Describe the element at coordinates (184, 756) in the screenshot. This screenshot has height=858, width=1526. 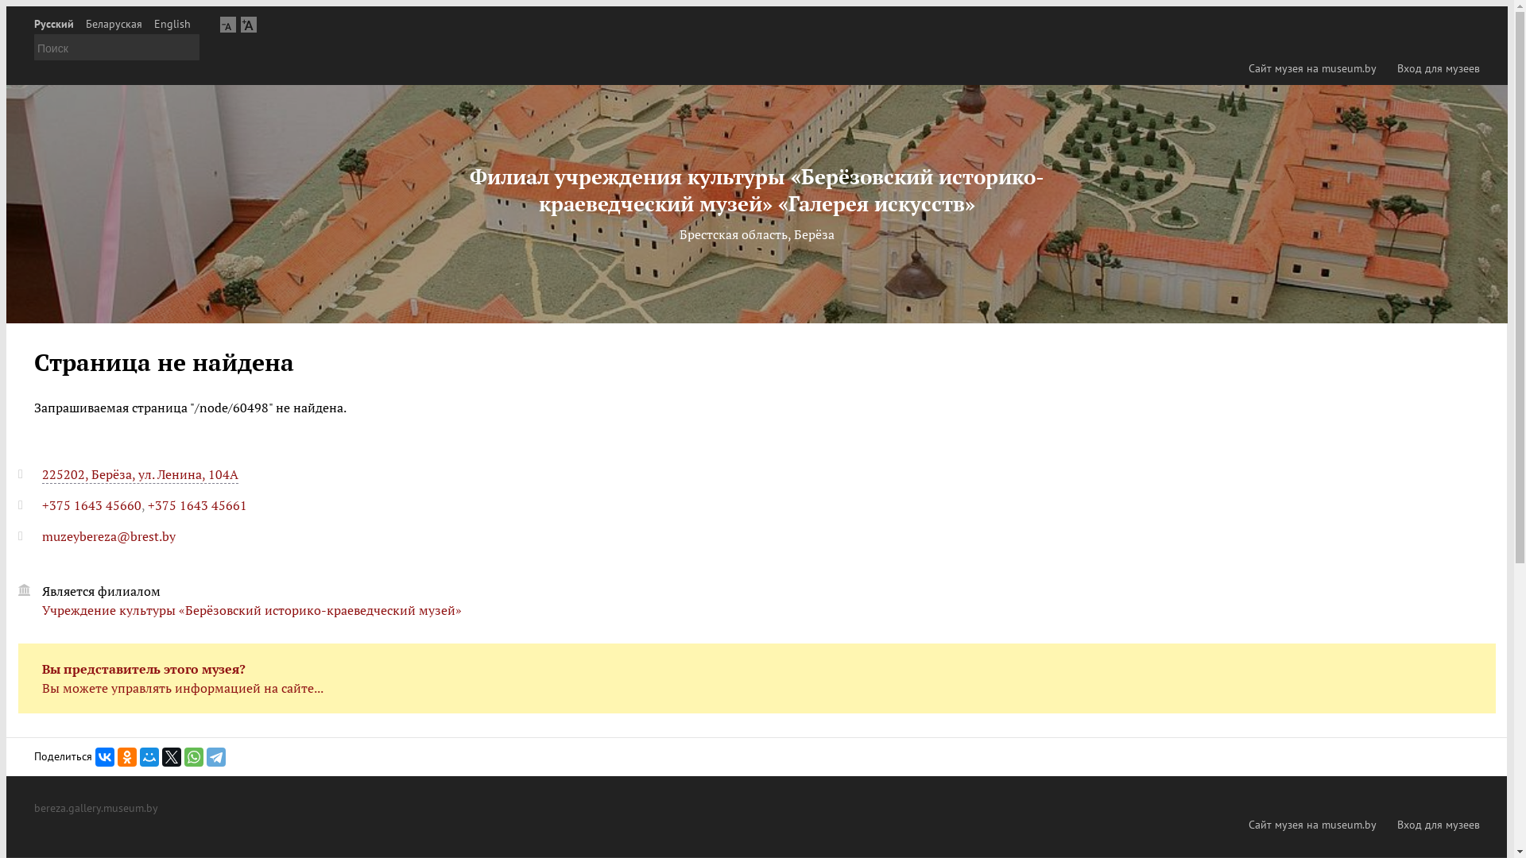
I see `'WhatsApp'` at that location.